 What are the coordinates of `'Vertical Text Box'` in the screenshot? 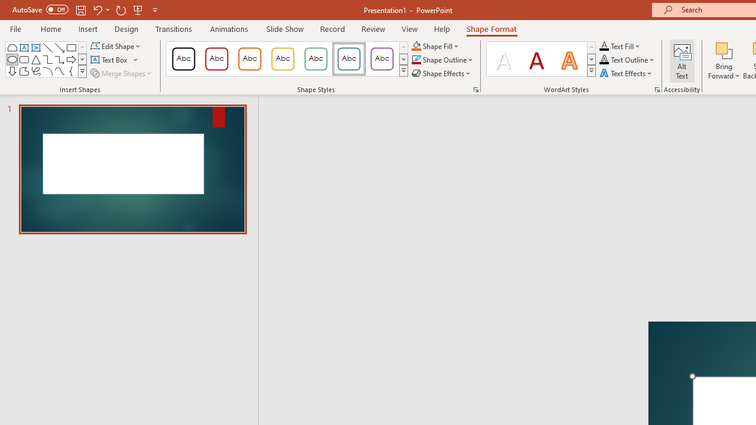 It's located at (35, 47).